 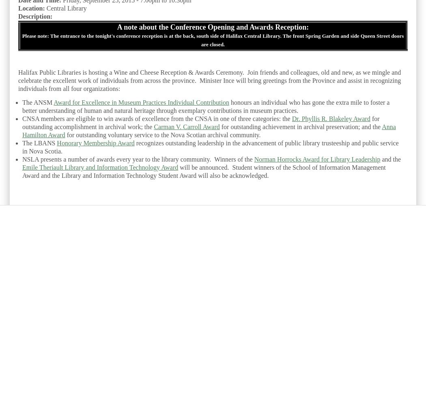 What do you see at coordinates (39, 142) in the screenshot?
I see `'The LBANS'` at bounding box center [39, 142].